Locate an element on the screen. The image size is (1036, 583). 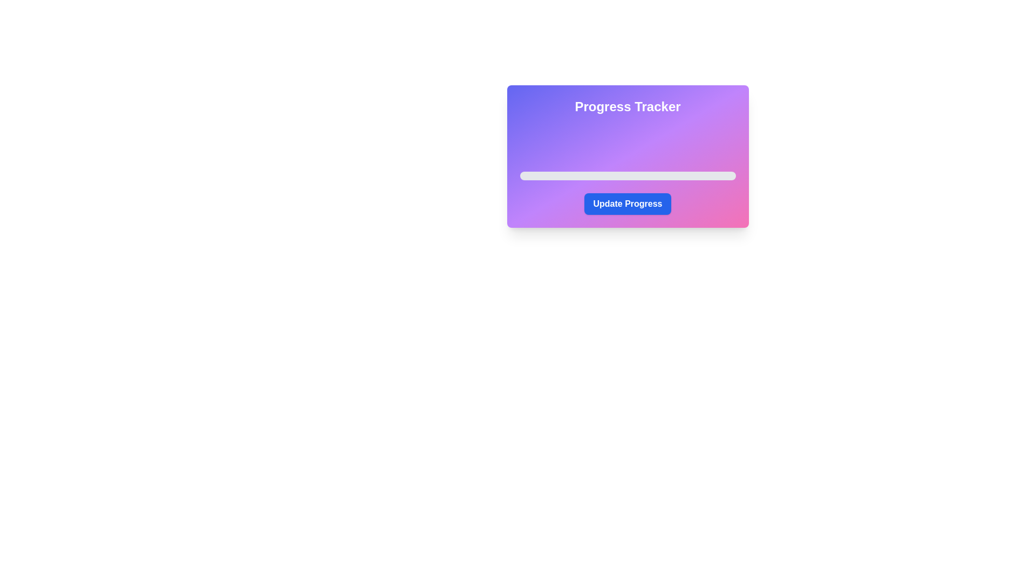
the progress bar that visually represents the progress of an operation, located below the circular progress indicator and above the interactive blue button labeled 'Update Progress' is located at coordinates (628, 175).